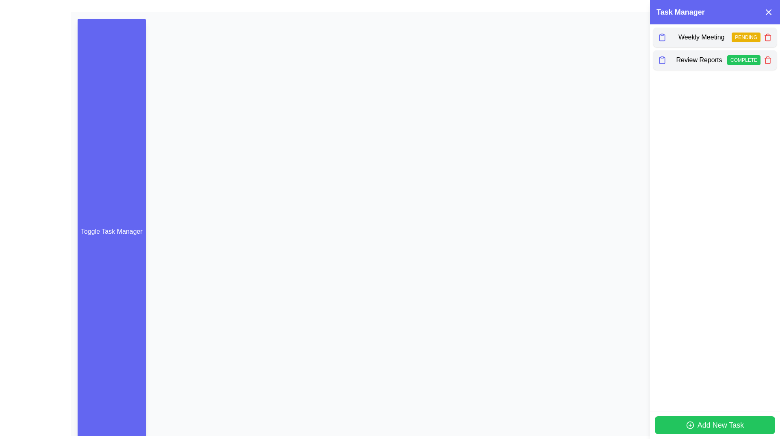 This screenshot has height=439, width=780. I want to click on the decorative icon within the 'Add New Task' button located at the bottom right of the interface, so click(689, 424).